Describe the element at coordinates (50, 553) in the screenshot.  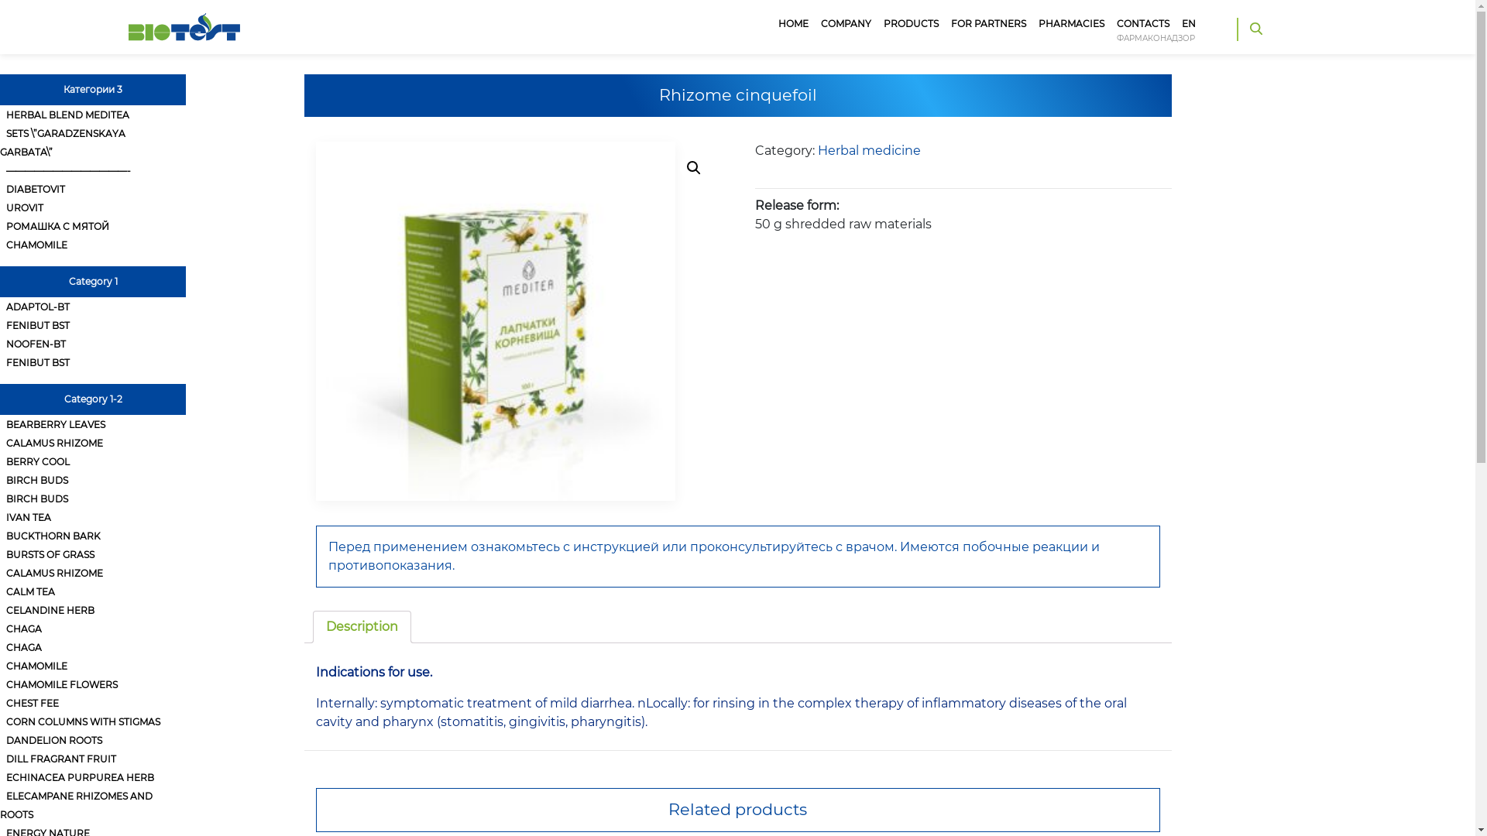
I see `'BURSTS OF GRASS'` at that location.